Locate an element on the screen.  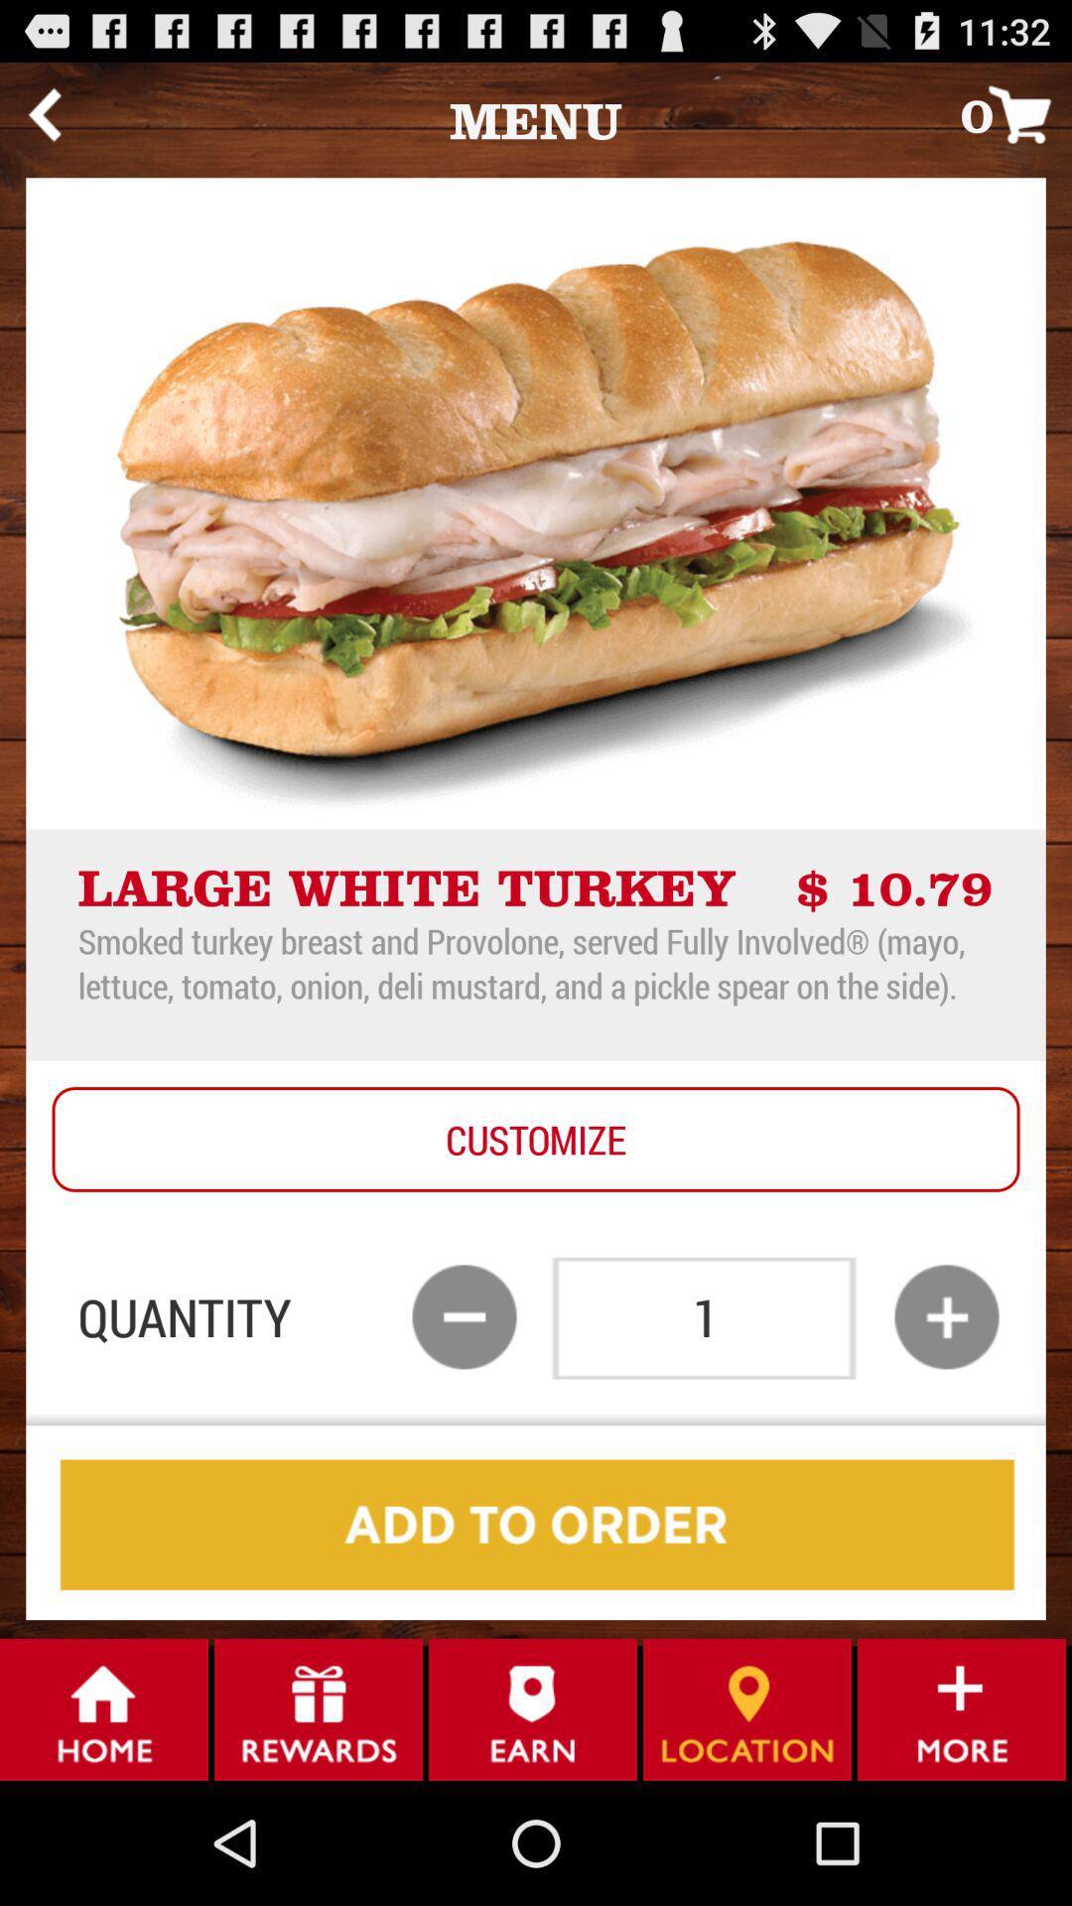
0 app is located at coordinates (1015, 113).